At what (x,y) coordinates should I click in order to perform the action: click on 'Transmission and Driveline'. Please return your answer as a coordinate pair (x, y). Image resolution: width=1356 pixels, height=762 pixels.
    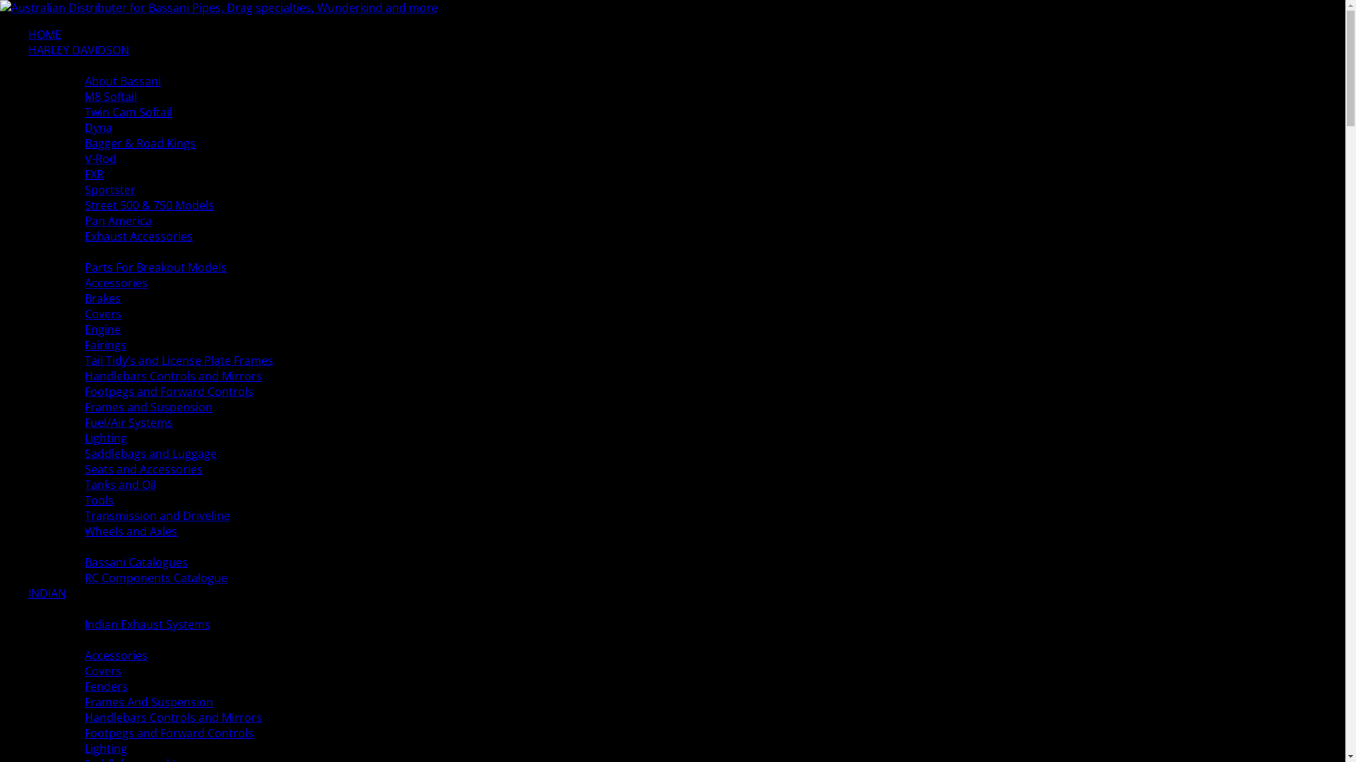
    Looking at the image, I should click on (84, 516).